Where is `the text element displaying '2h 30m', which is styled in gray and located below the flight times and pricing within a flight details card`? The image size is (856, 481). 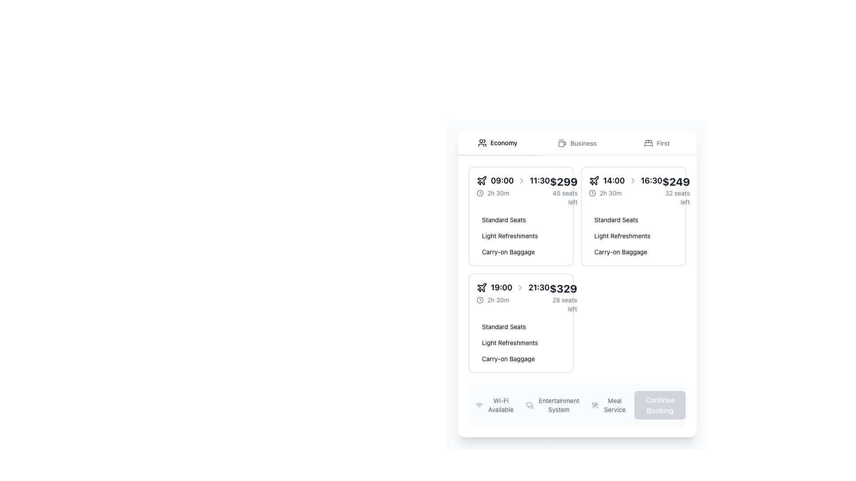 the text element displaying '2h 30m', which is styled in gray and located below the flight times and pricing within a flight details card is located at coordinates (498, 193).